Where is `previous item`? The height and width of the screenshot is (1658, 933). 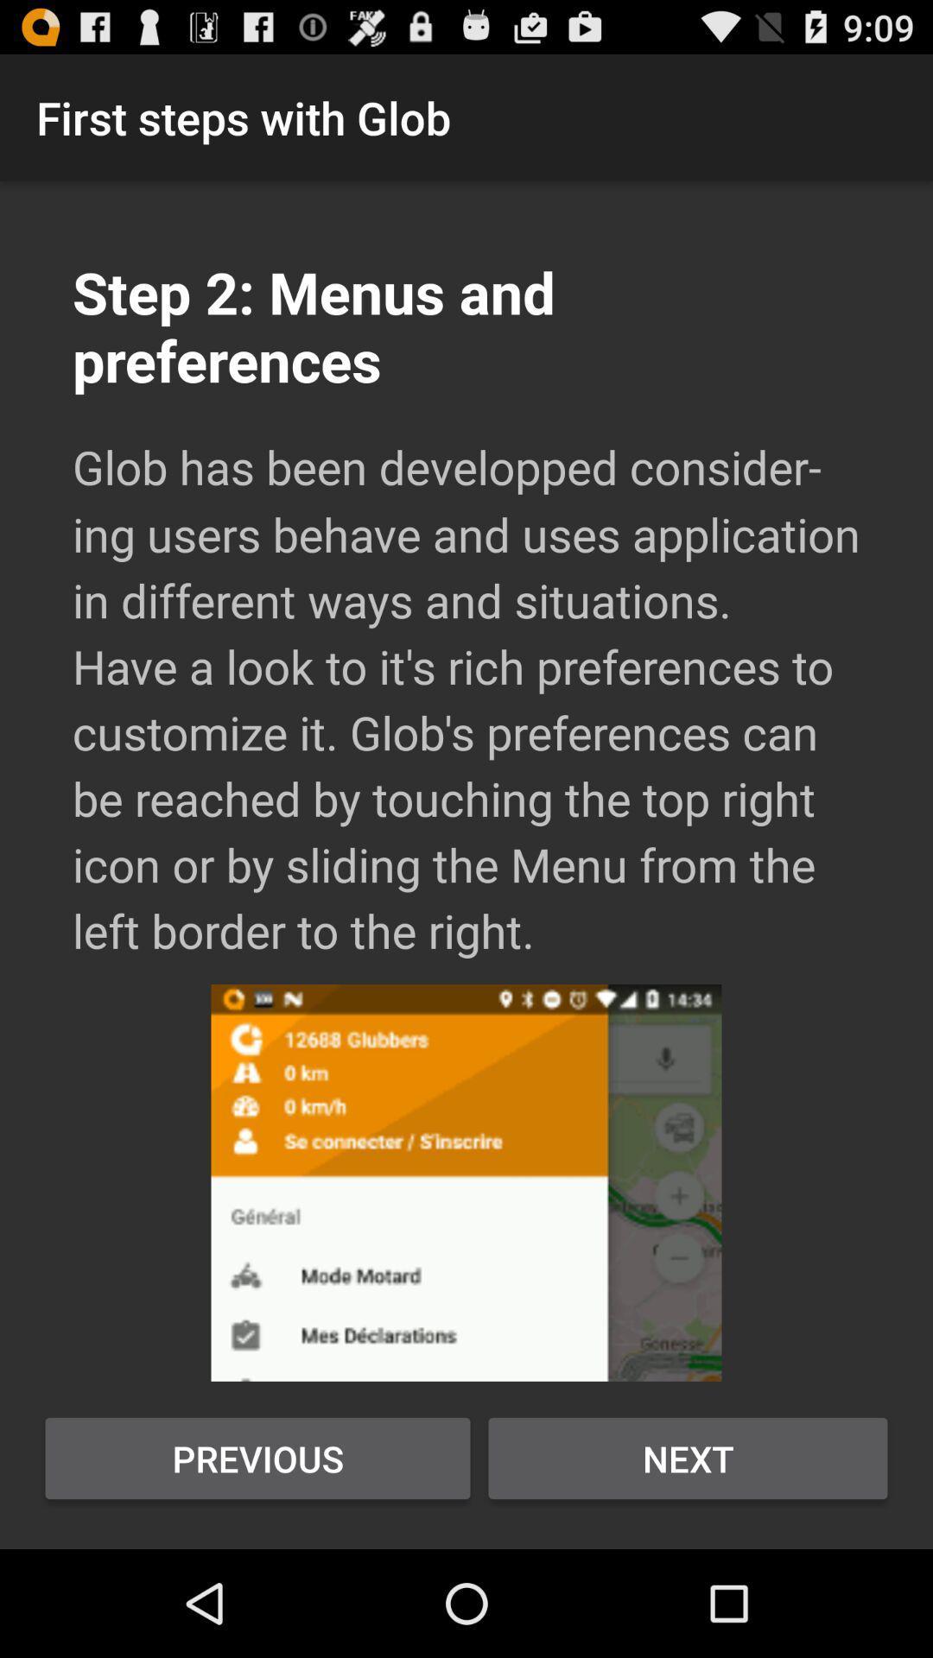 previous item is located at coordinates (257, 1458).